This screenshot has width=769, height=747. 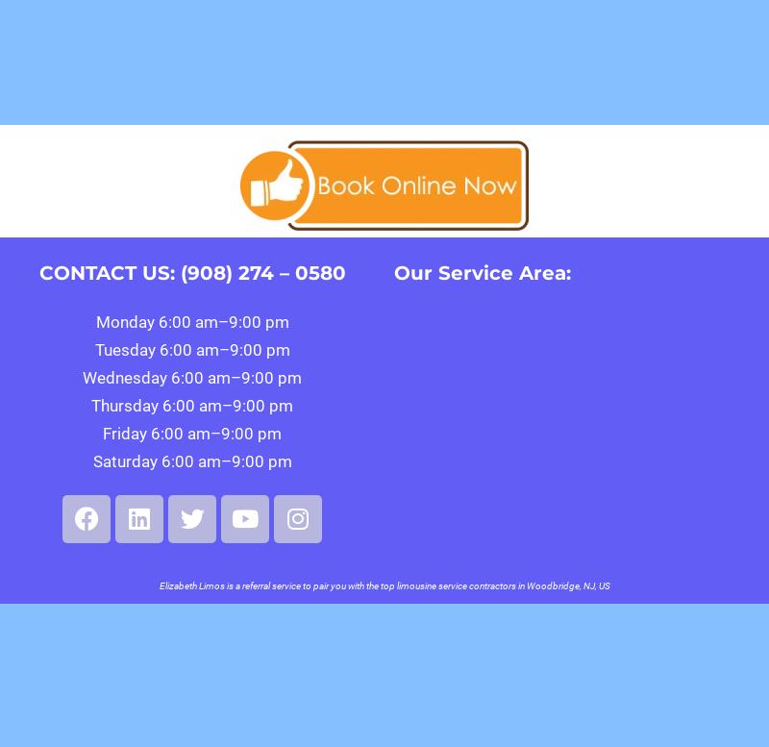 I want to click on 'Our Service Area:', so click(x=481, y=271).